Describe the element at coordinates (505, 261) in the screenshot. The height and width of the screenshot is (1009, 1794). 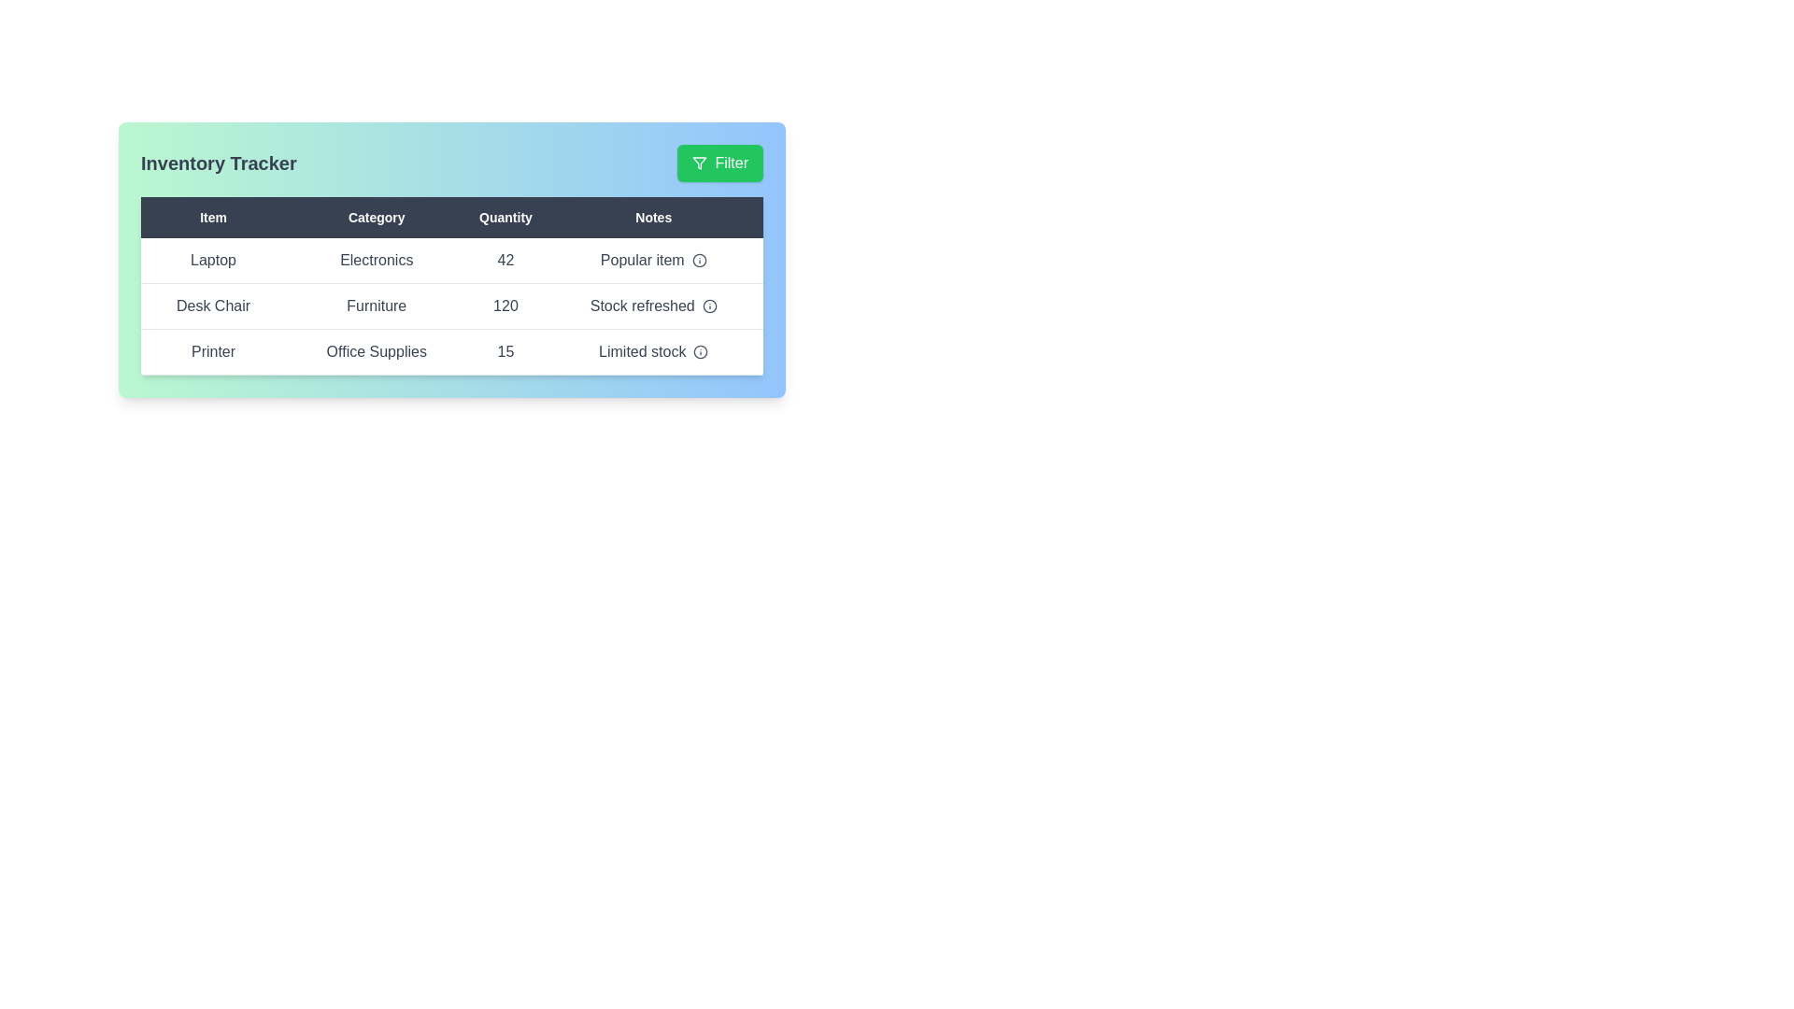
I see `the cell containing 42 to select its text` at that location.